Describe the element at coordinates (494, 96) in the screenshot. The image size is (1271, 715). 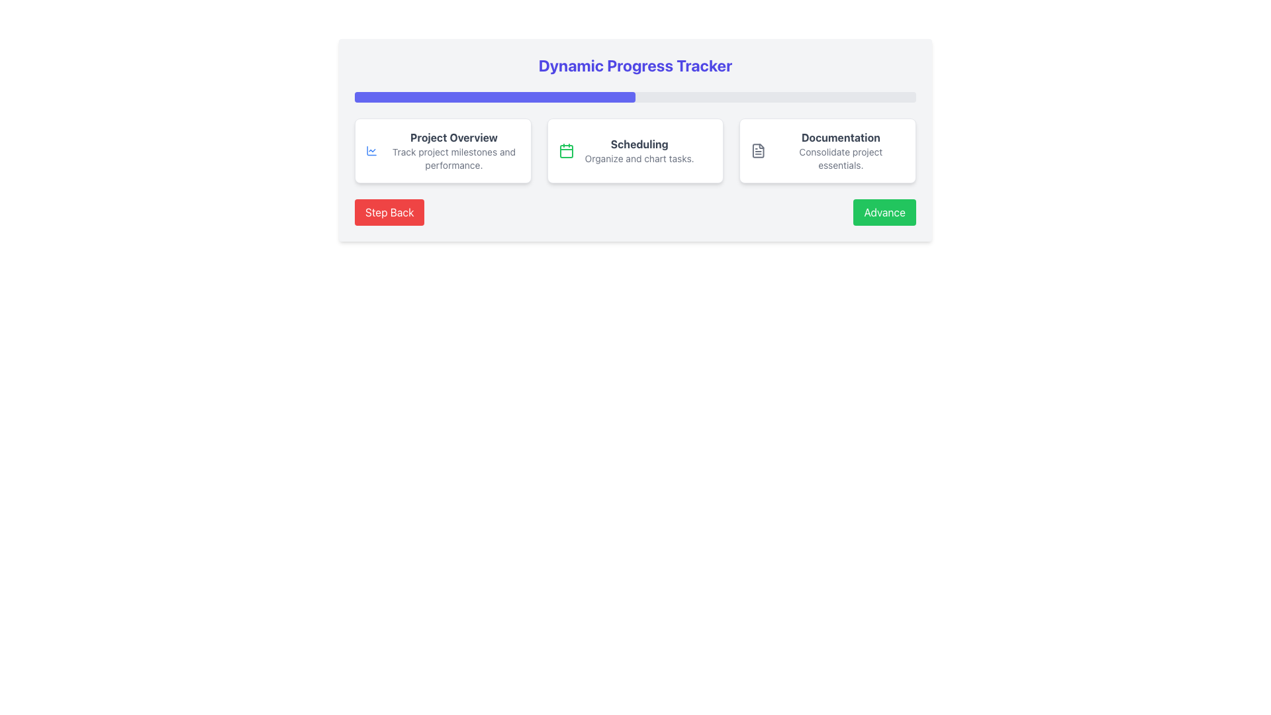
I see `the blue progress bar located below the title 'Dynamic Progress Tracker', which occupies the left half of the gray background bar` at that location.